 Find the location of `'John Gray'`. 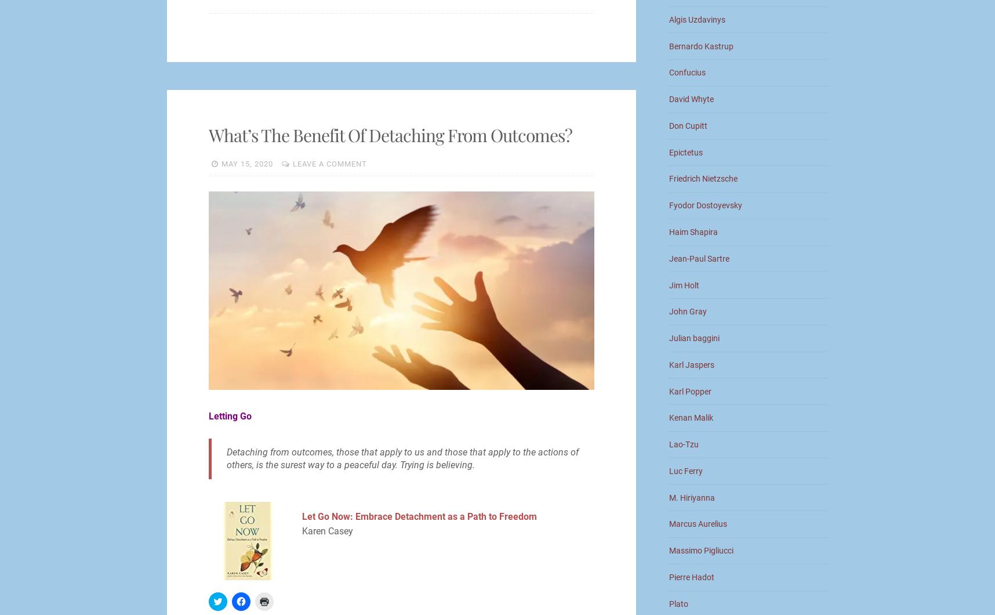

'John Gray' is located at coordinates (688, 311).